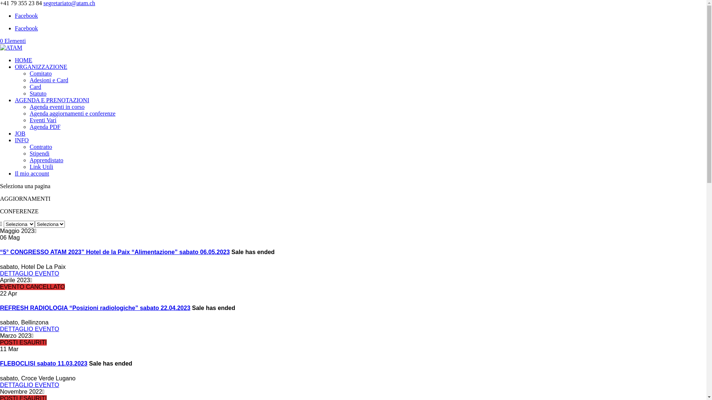 The width and height of the screenshot is (712, 400). What do you see at coordinates (14, 173) in the screenshot?
I see `'Il mio account'` at bounding box center [14, 173].